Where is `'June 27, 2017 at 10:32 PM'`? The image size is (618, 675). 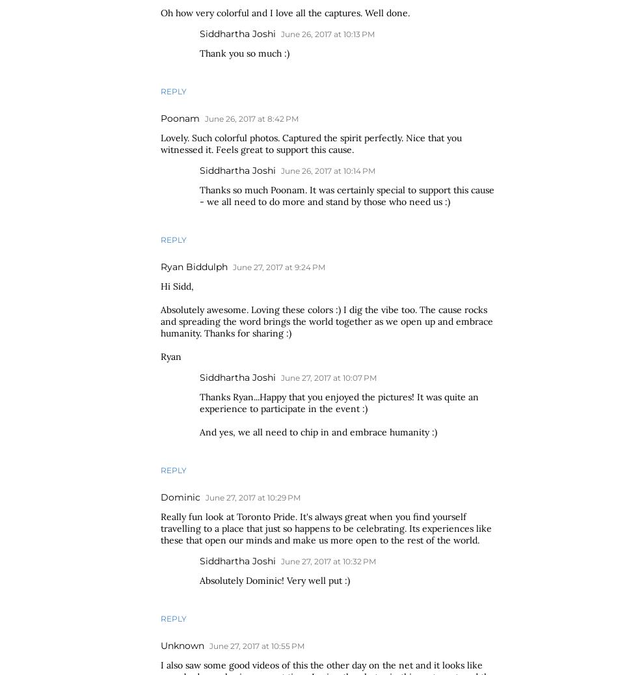
'June 27, 2017 at 10:32 PM' is located at coordinates (329, 561).